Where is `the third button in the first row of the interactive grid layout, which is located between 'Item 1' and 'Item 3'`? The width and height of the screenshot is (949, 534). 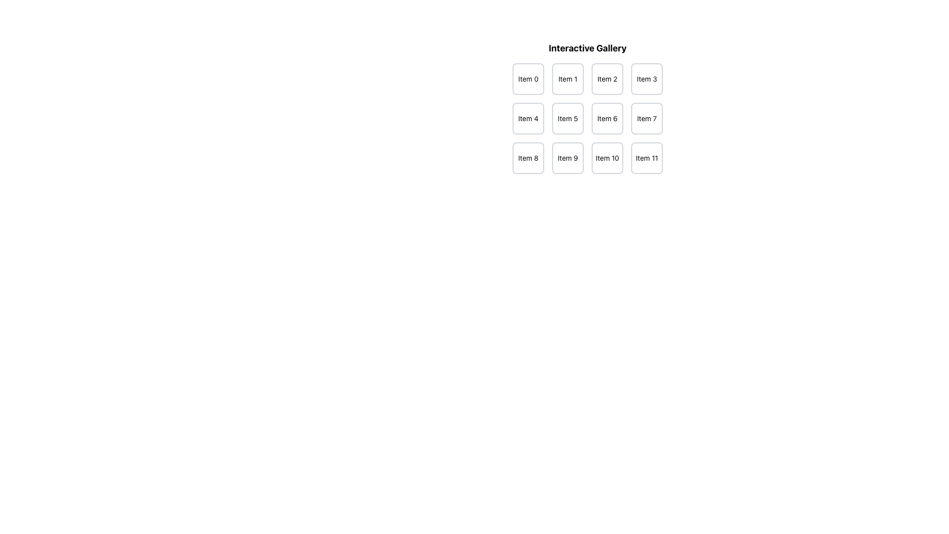
the third button in the first row of the interactive grid layout, which is located between 'Item 1' and 'Item 3' is located at coordinates (606, 78).